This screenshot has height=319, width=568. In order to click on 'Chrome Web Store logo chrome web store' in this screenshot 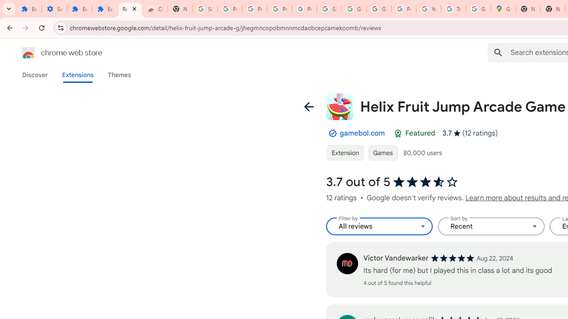, I will do `click(52, 53)`.